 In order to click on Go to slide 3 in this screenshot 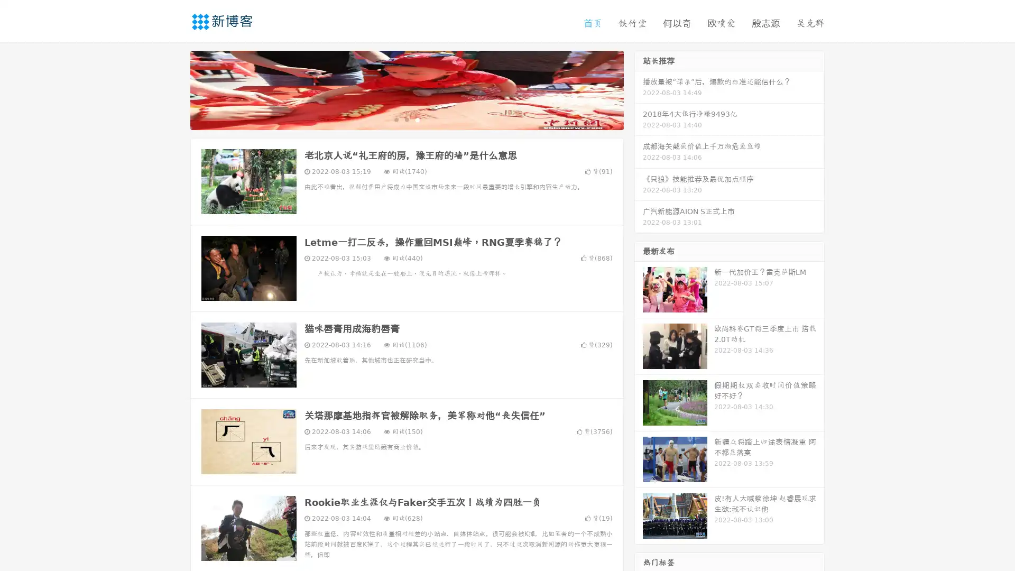, I will do `click(417, 119)`.